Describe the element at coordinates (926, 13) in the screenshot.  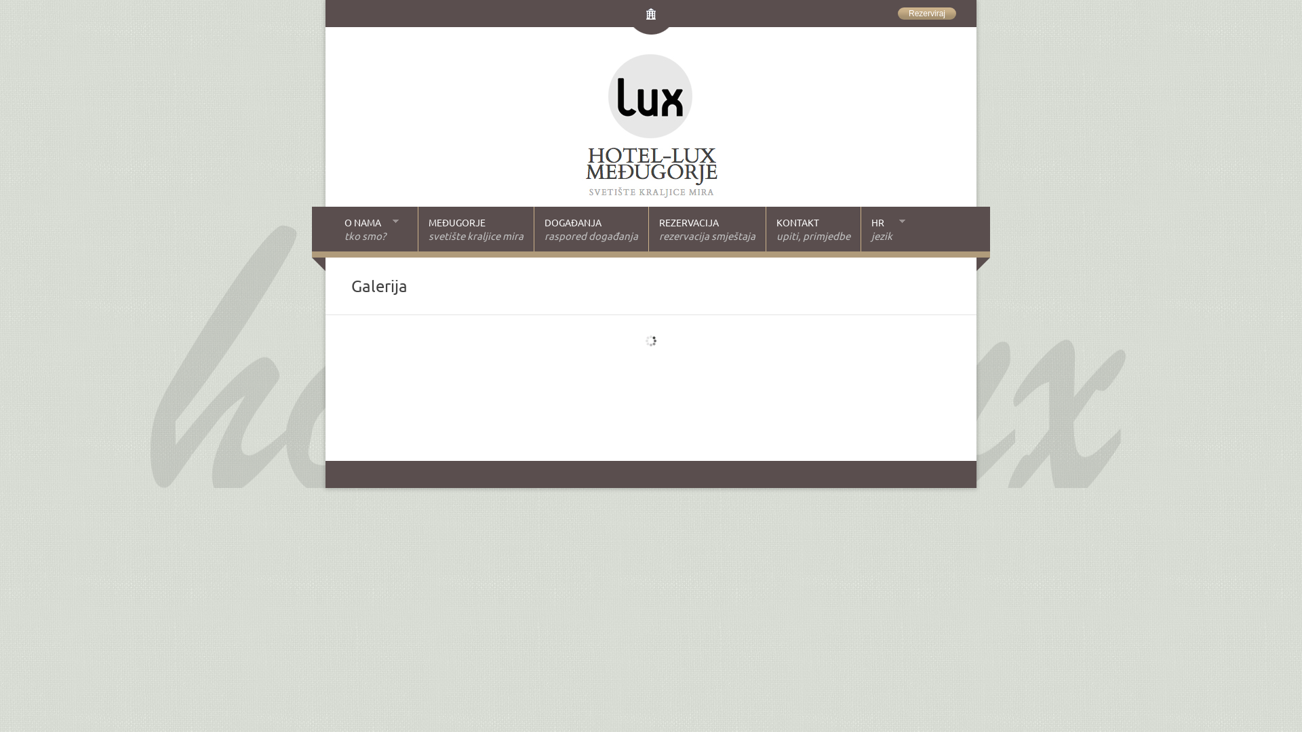
I see `'Rezerviraj'` at that location.